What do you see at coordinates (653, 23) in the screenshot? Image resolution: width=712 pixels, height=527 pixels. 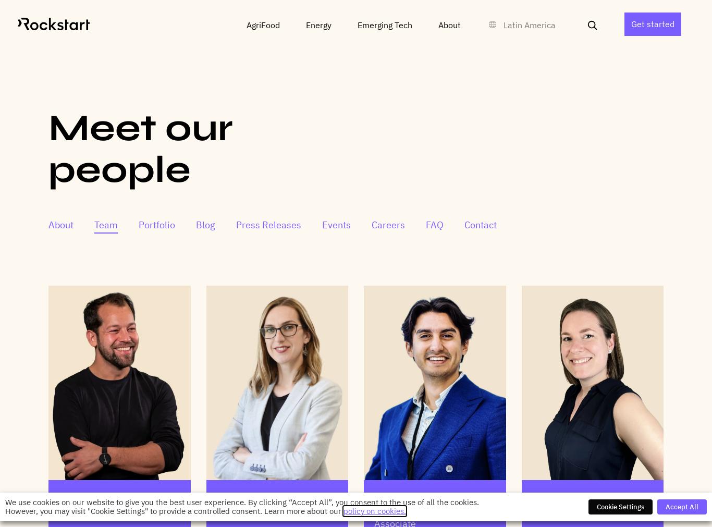 I see `'Get started'` at bounding box center [653, 23].